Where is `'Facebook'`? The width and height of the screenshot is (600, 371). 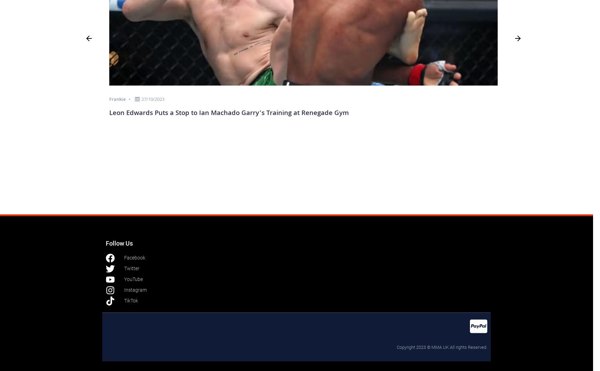
'Facebook' is located at coordinates (134, 258).